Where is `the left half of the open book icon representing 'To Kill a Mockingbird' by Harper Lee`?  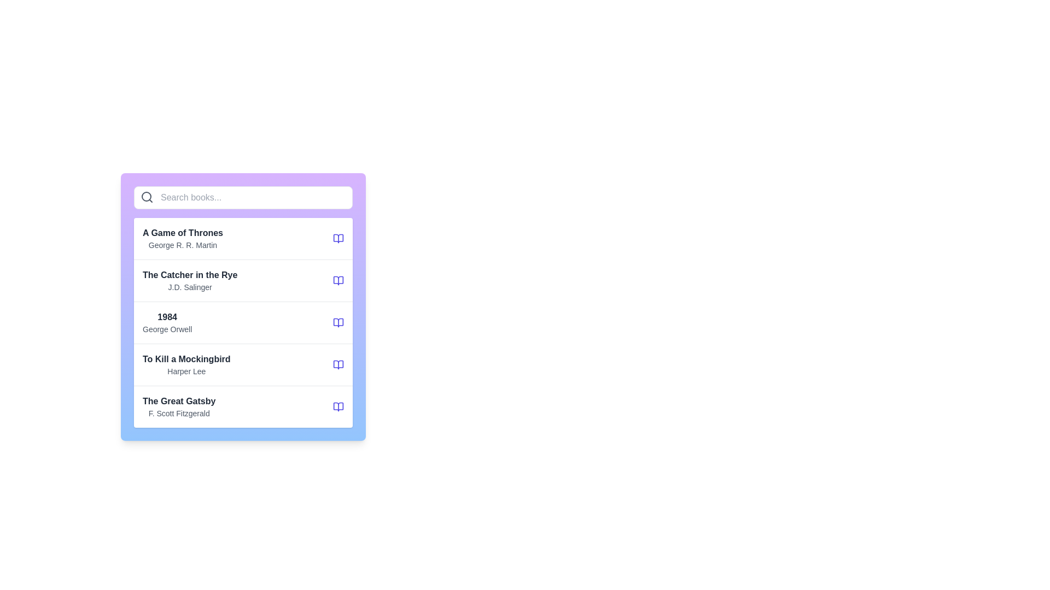 the left half of the open book icon representing 'To Kill a Mockingbird' by Harper Lee is located at coordinates (338, 364).